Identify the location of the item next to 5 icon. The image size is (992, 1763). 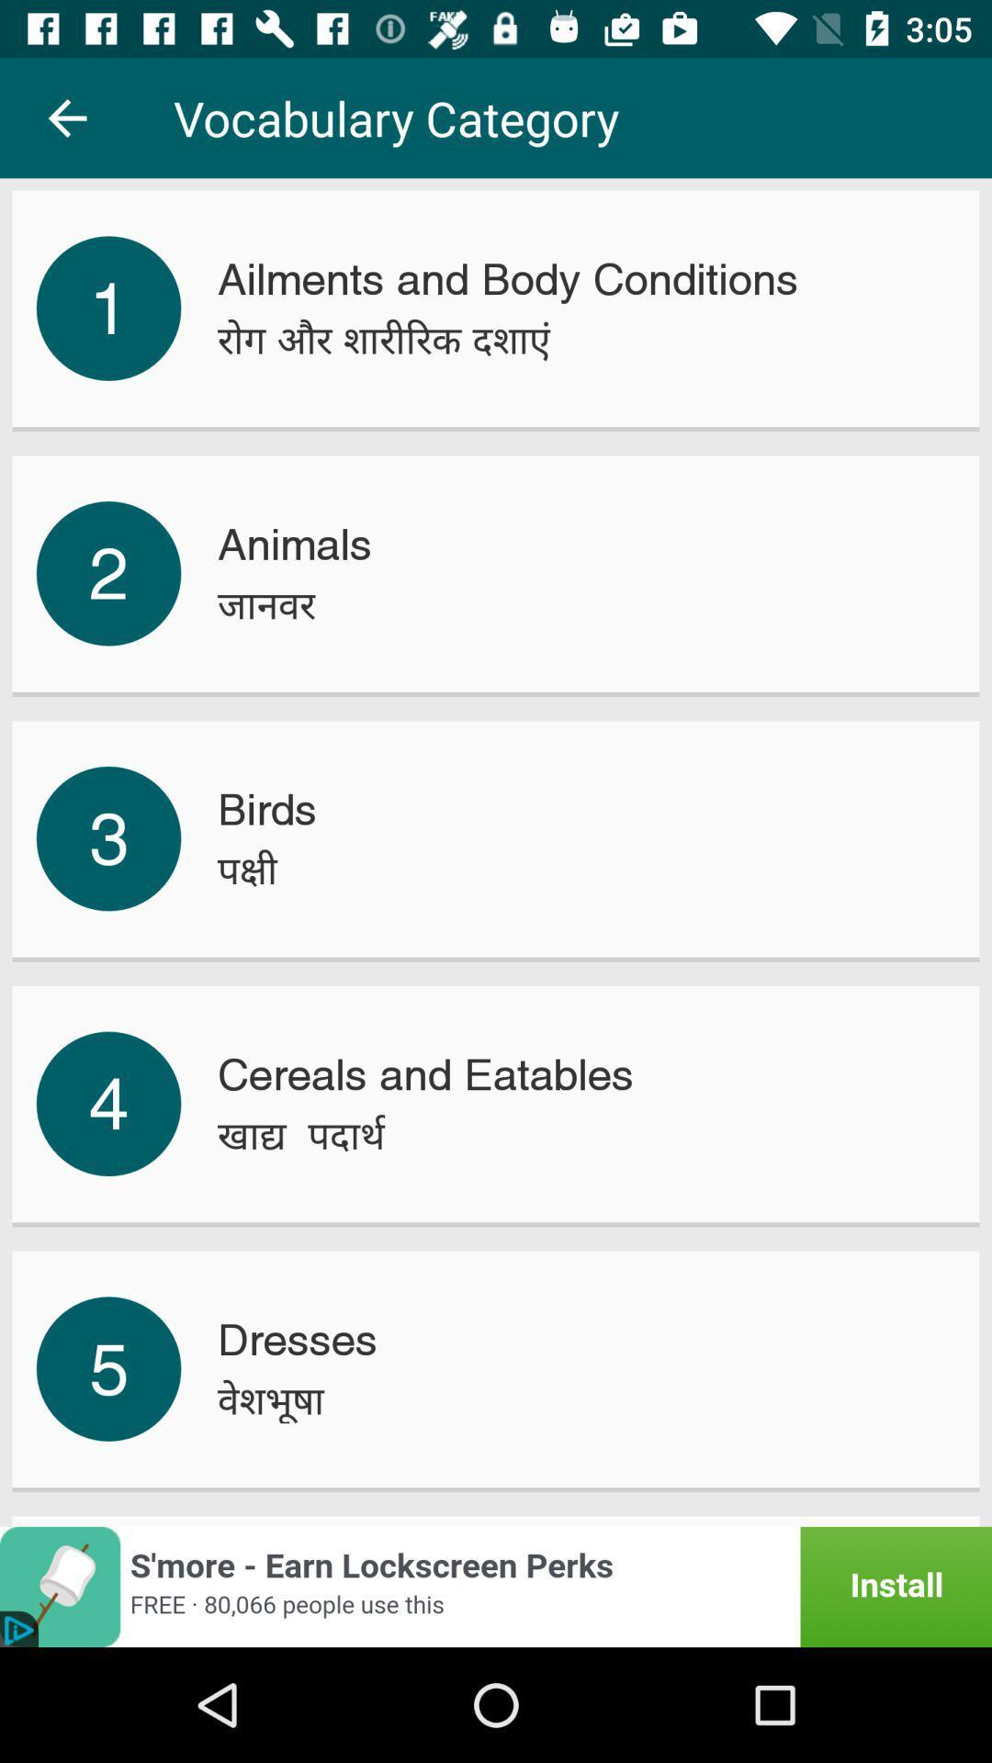
(271, 1399).